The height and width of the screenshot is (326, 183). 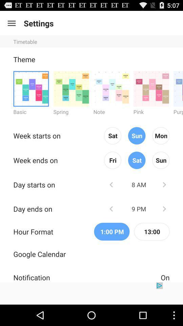 I want to click on the arrow_backward icon, so click(x=111, y=197).